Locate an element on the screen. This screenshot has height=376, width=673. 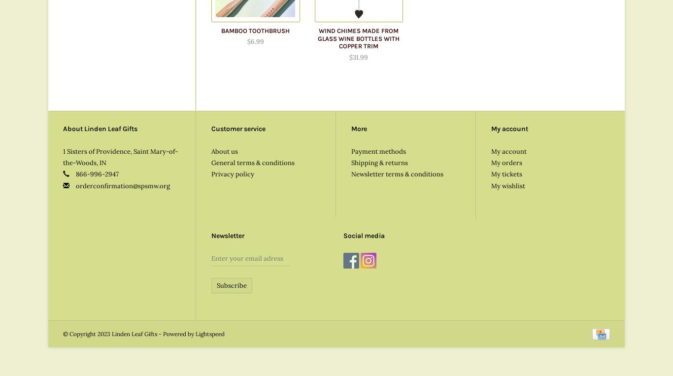
'My orders' is located at coordinates (491, 162).